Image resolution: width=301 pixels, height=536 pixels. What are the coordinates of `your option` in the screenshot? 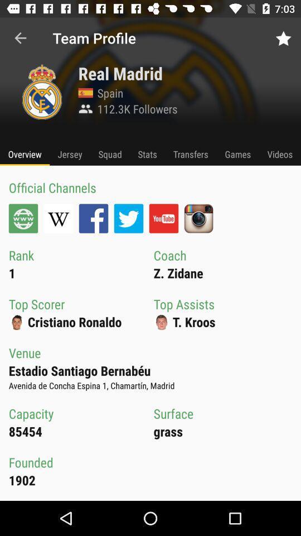 It's located at (163, 218).